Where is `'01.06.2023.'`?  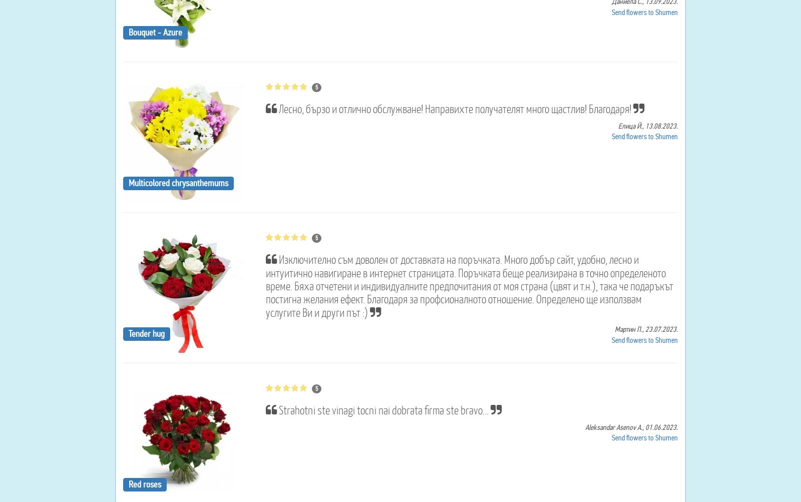
'01.06.2023.' is located at coordinates (661, 426).